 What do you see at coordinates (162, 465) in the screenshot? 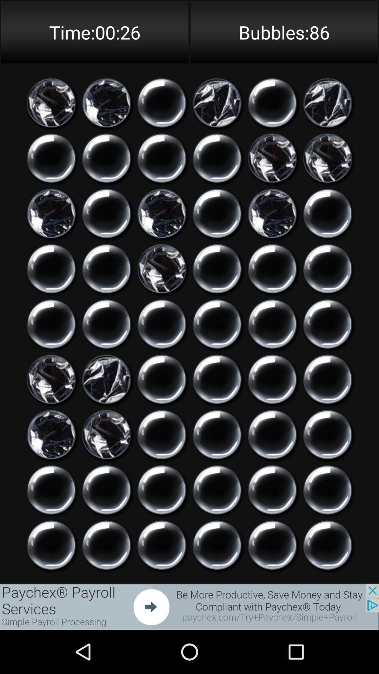
I see `the refresh icon` at bounding box center [162, 465].